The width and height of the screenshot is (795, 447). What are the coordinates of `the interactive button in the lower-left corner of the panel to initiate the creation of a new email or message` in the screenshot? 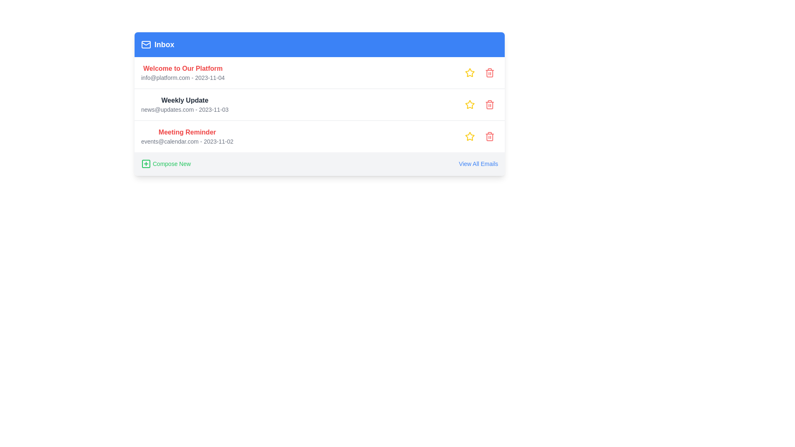 It's located at (166, 164).